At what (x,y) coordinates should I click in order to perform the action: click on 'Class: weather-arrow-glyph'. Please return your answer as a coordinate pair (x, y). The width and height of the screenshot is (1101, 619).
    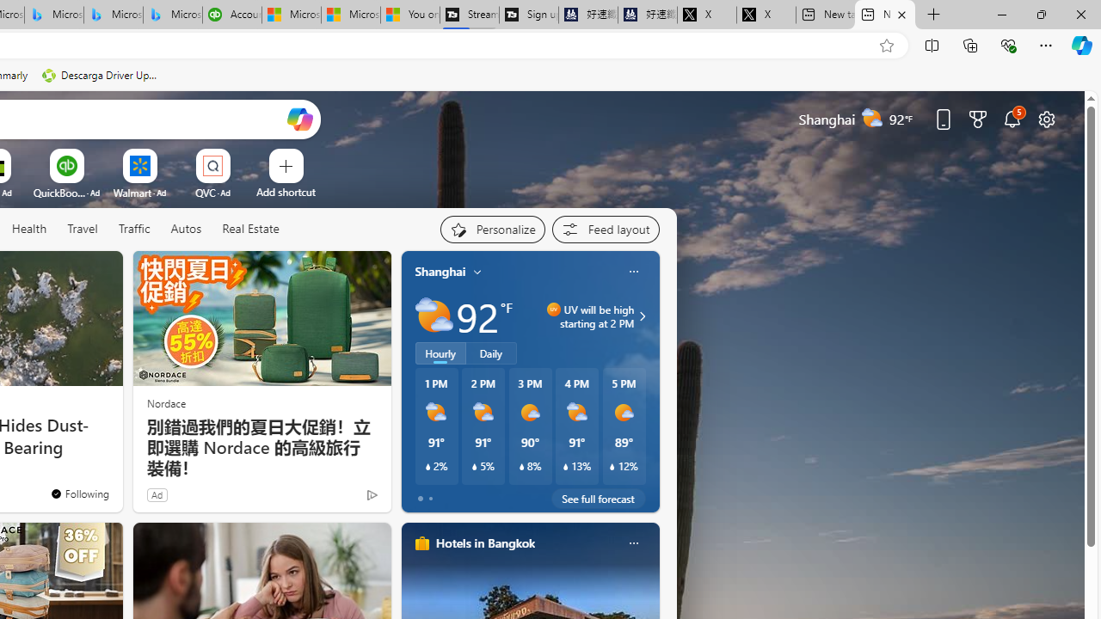
    Looking at the image, I should click on (641, 316).